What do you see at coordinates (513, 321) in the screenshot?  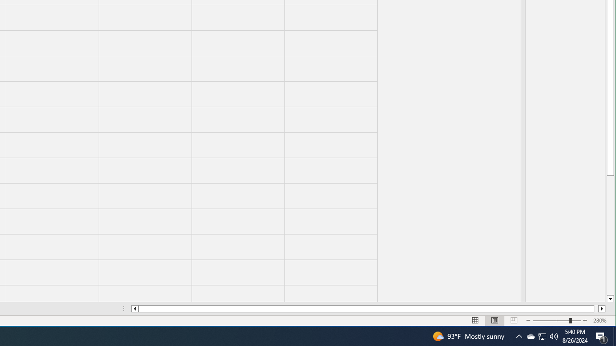 I see `'Page Break Preview'` at bounding box center [513, 321].